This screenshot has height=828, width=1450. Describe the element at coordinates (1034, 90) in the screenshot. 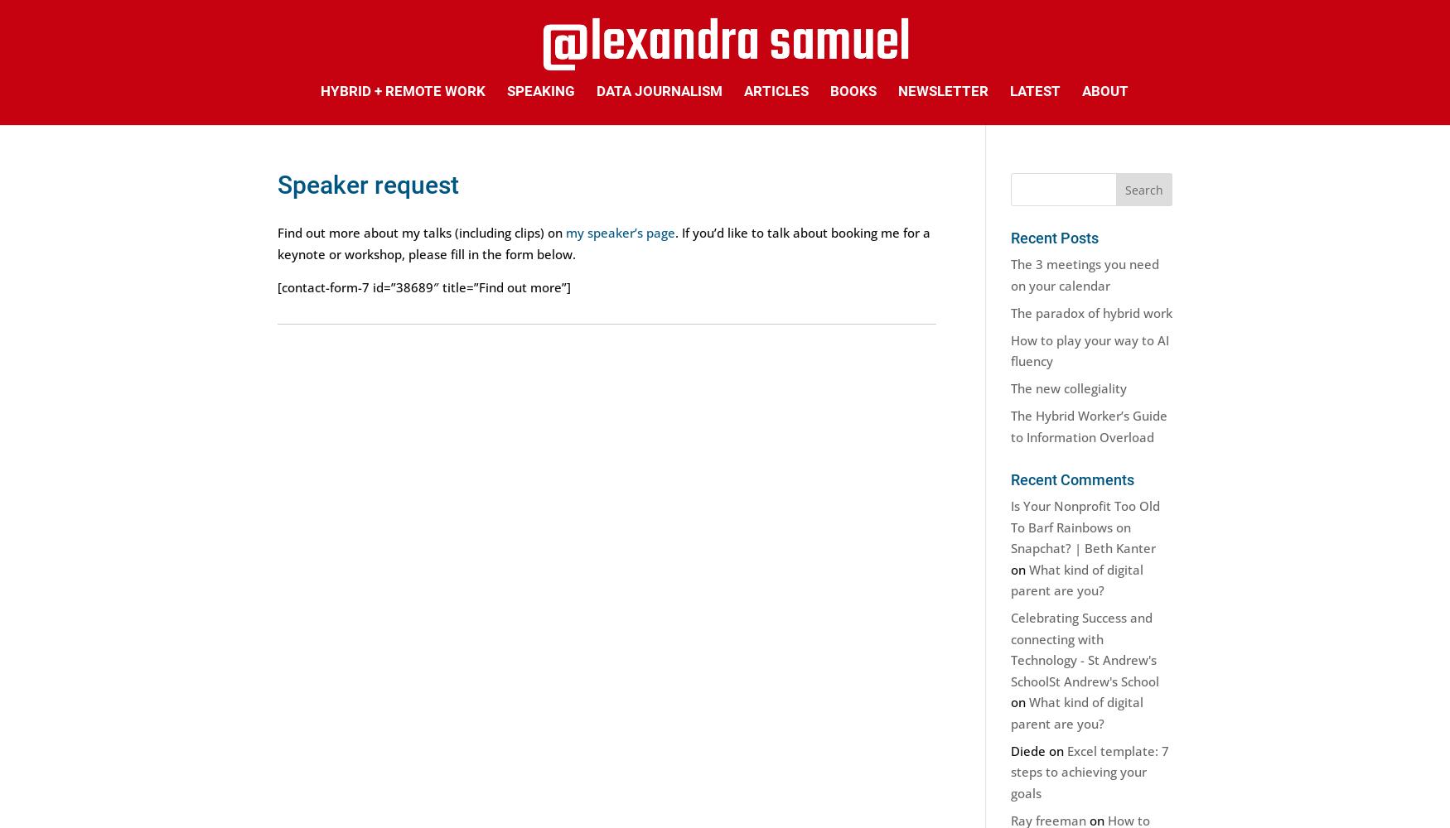

I see `'Latest'` at that location.